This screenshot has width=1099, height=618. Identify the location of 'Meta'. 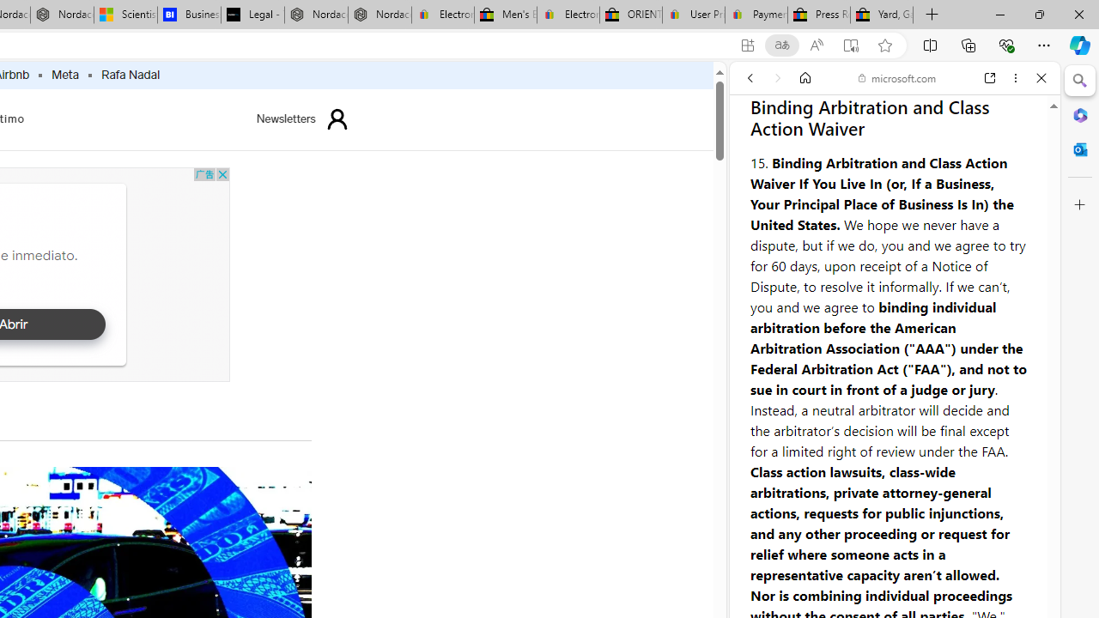
(65, 75).